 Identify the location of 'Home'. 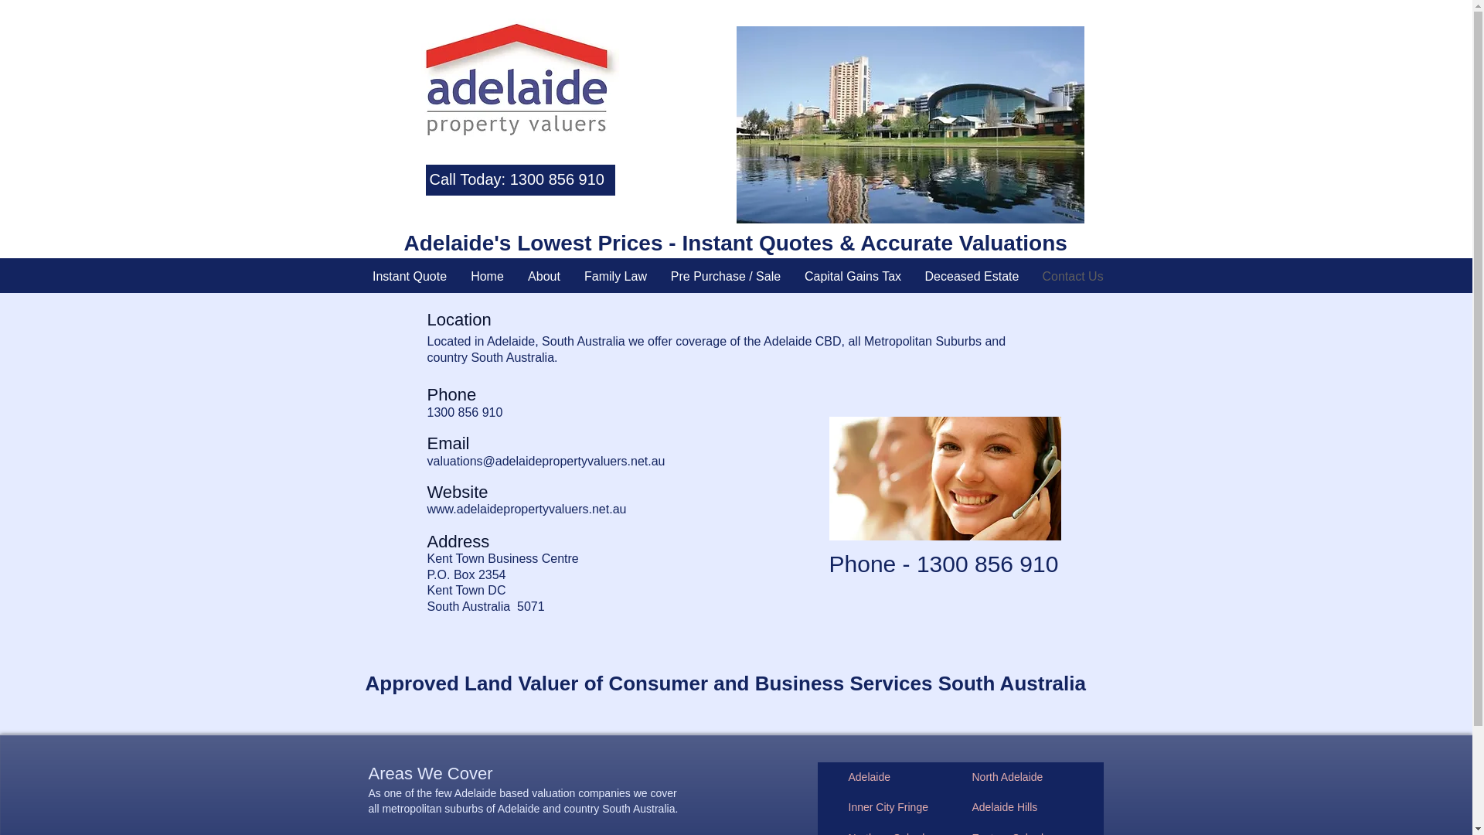
(486, 275).